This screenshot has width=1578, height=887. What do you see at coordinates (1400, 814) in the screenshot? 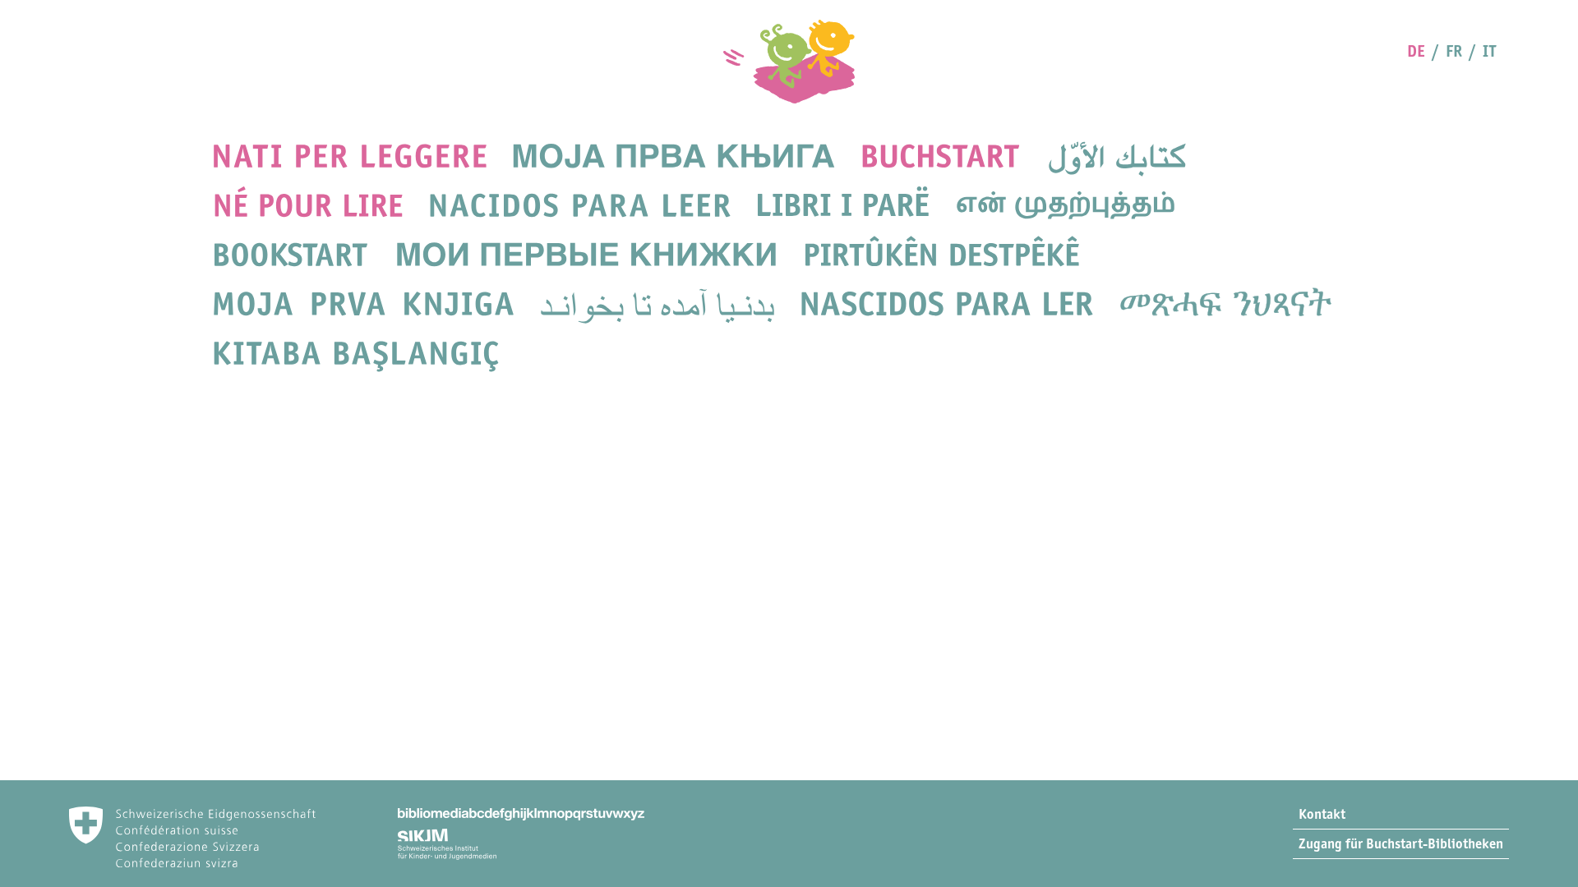
I see `'Kontakt'` at bounding box center [1400, 814].